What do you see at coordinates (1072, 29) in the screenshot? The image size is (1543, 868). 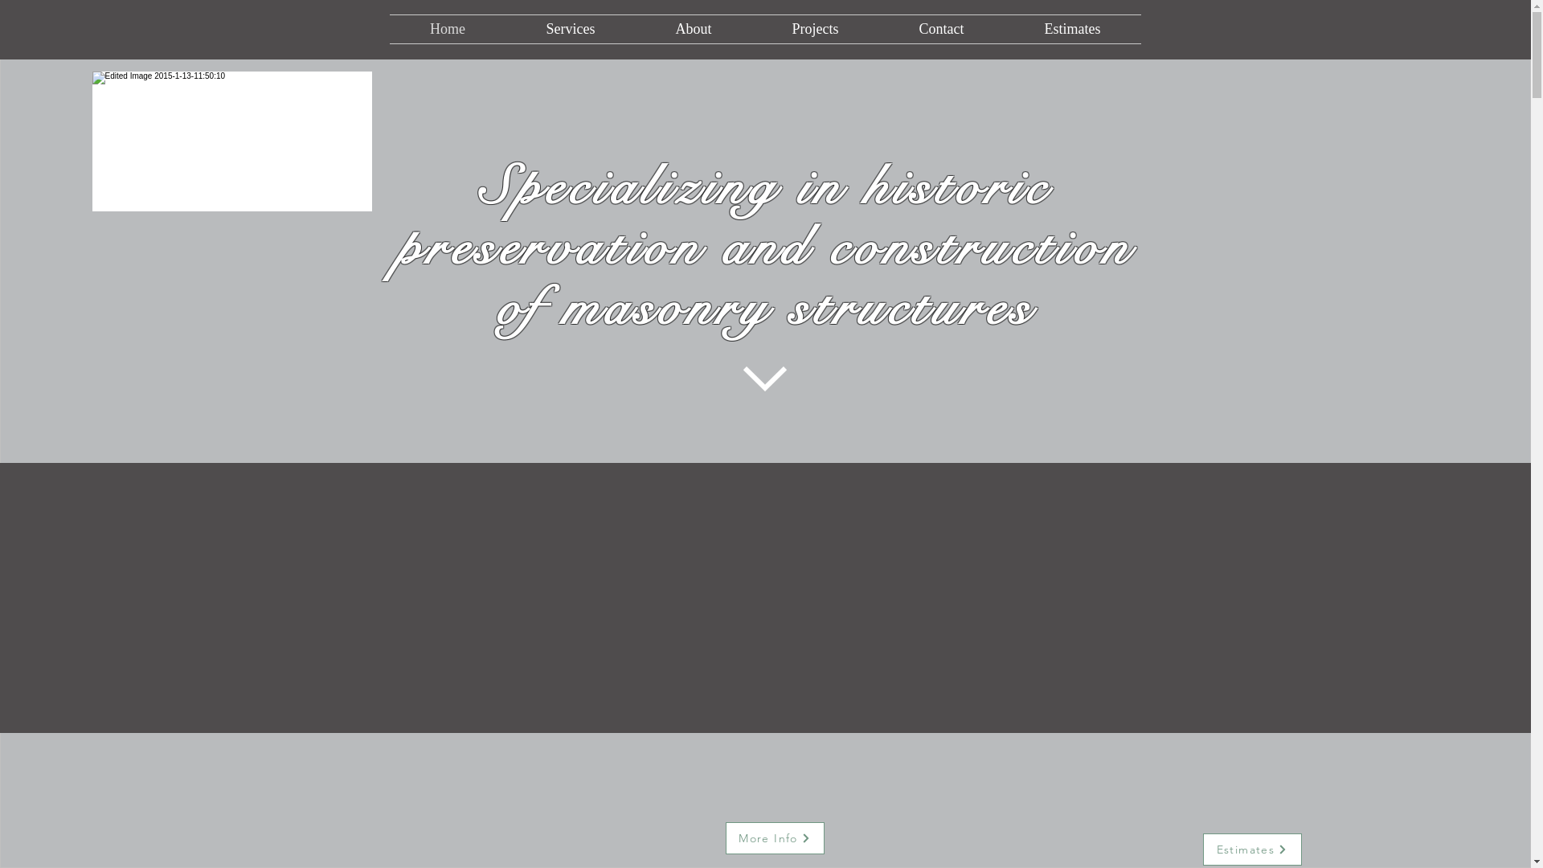 I see `'Estimates'` at bounding box center [1072, 29].